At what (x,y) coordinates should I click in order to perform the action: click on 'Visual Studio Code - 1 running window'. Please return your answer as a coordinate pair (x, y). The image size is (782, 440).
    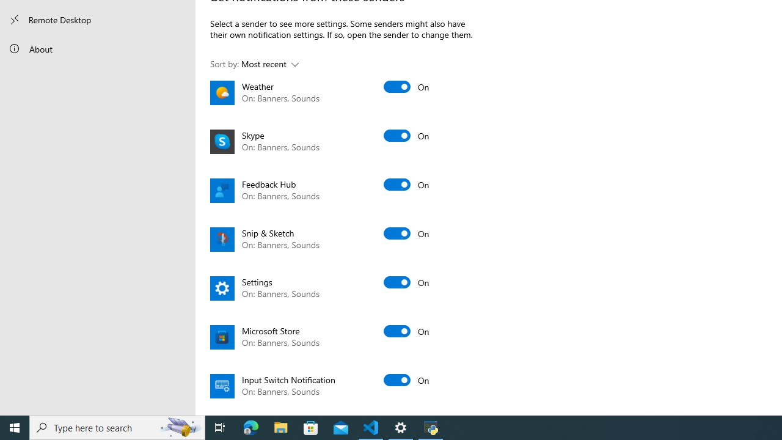
    Looking at the image, I should click on (370, 427).